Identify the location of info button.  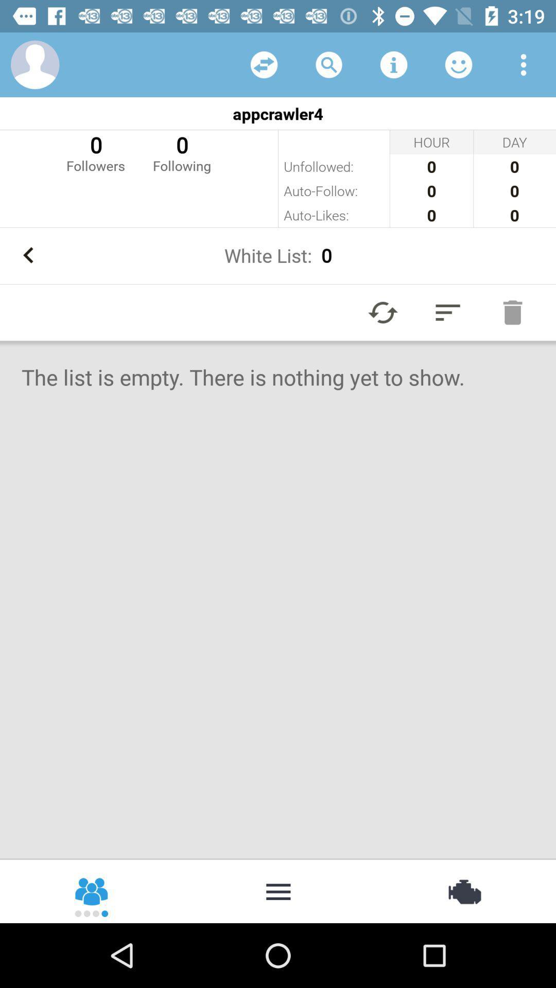
(393, 64).